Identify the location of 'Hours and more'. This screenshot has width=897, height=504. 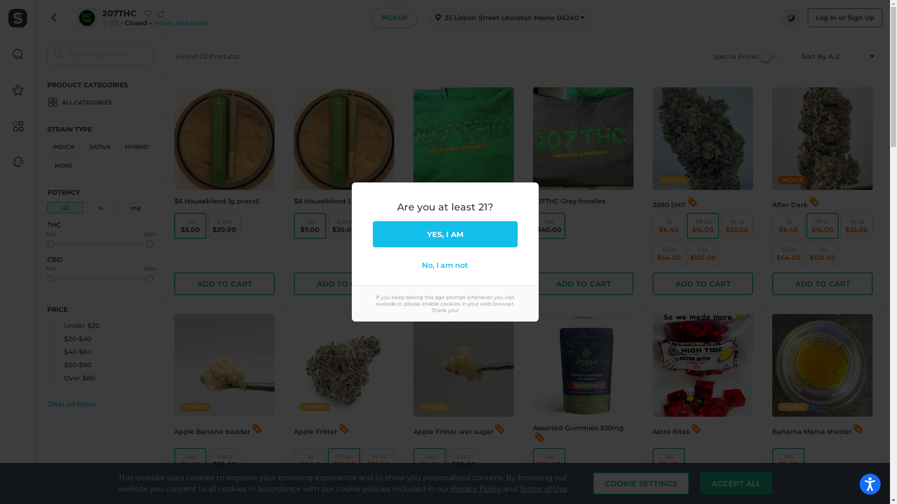
(181, 22).